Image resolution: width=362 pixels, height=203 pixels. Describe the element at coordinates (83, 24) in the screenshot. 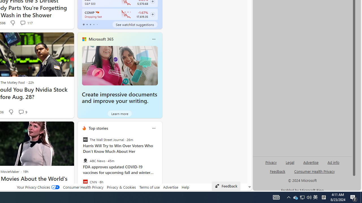

I see `'tab-0'` at that location.